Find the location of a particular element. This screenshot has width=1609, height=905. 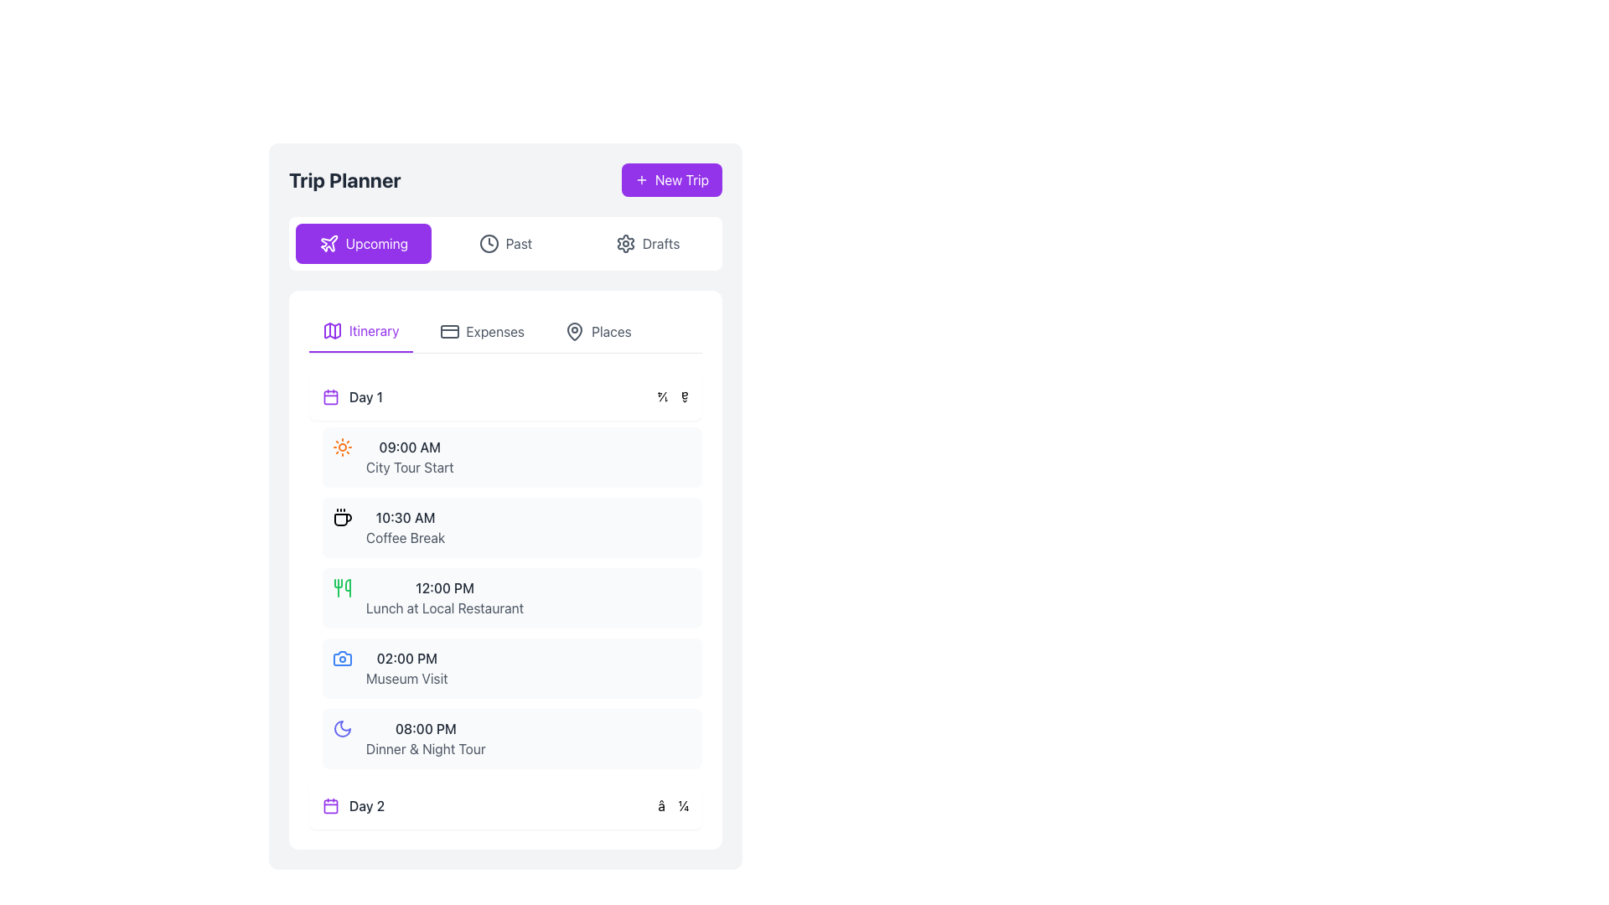

the crescent moon icon representing the night or dark mode theme, located above the 'Day 2' label in the itinerary is located at coordinates (341, 728).